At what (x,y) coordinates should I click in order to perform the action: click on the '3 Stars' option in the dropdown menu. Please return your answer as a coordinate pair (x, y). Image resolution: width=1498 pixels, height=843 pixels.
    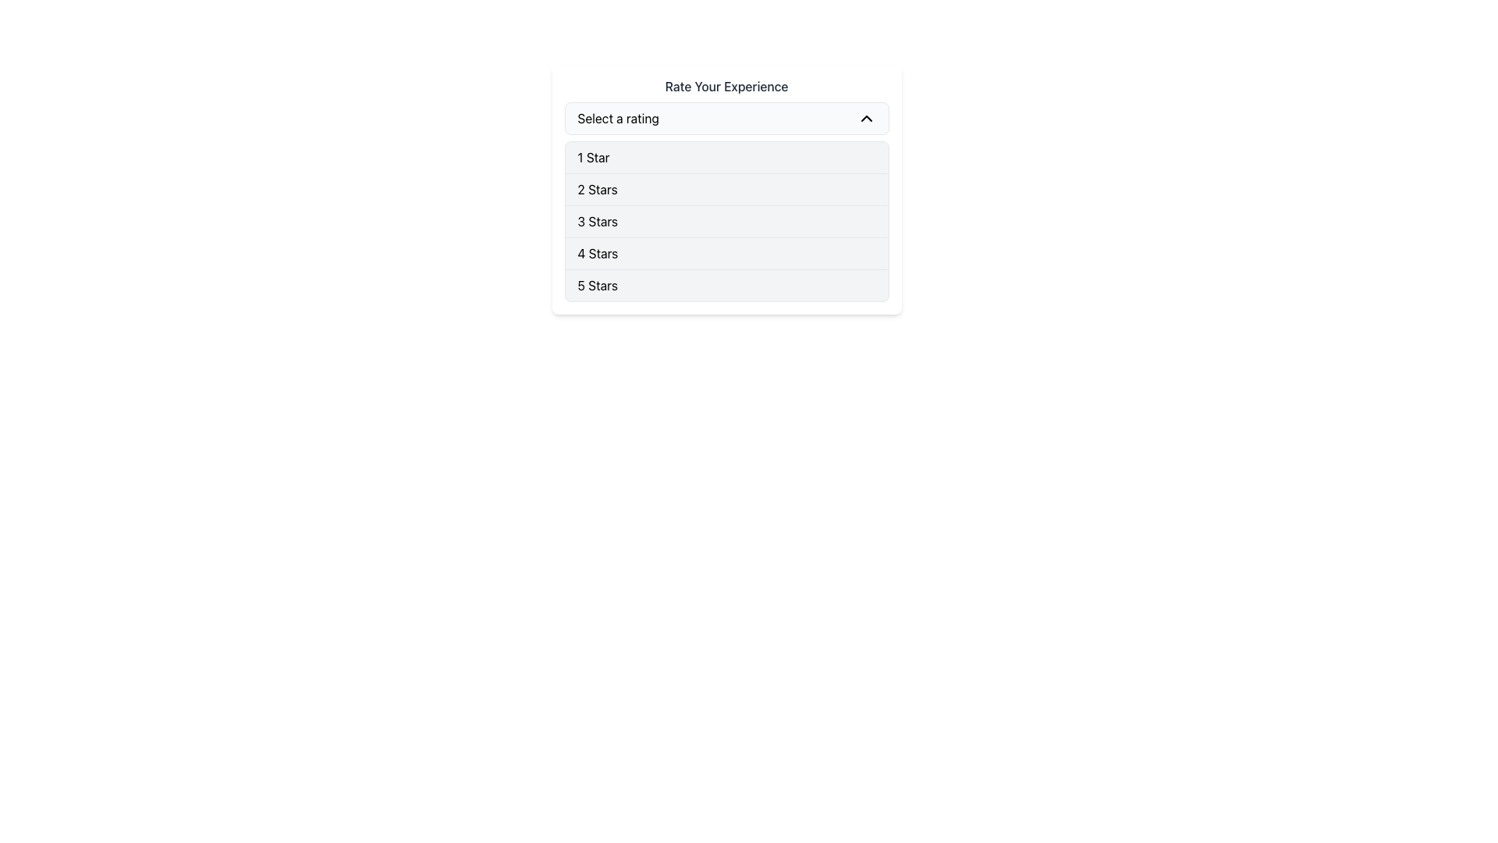
    Looking at the image, I should click on (726, 221).